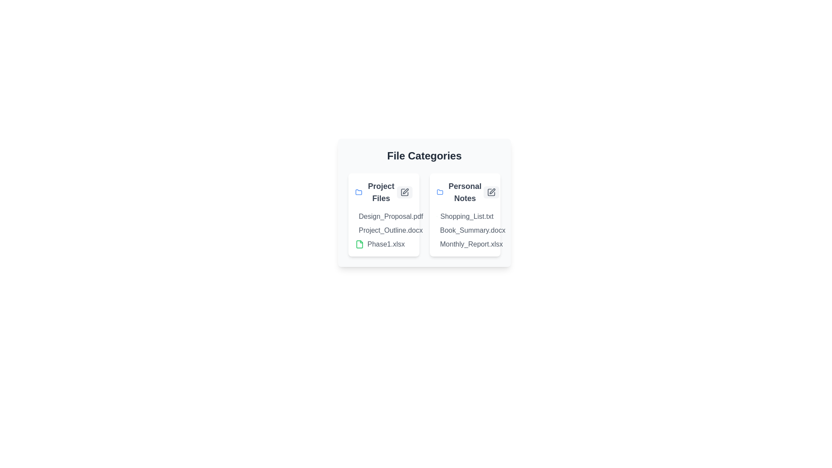 The width and height of the screenshot is (832, 468). I want to click on the document named Project_Outline.docx, so click(368, 230).